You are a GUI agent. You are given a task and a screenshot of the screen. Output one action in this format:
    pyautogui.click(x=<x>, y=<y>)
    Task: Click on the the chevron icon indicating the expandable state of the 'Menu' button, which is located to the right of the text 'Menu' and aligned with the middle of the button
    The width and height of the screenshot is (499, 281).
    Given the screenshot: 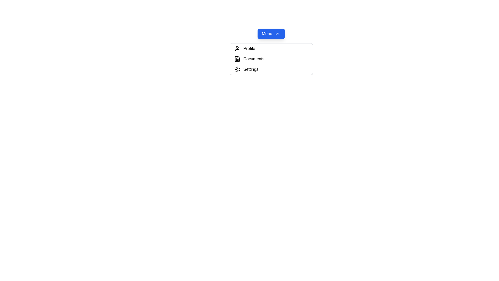 What is the action you would take?
    pyautogui.click(x=277, y=34)
    